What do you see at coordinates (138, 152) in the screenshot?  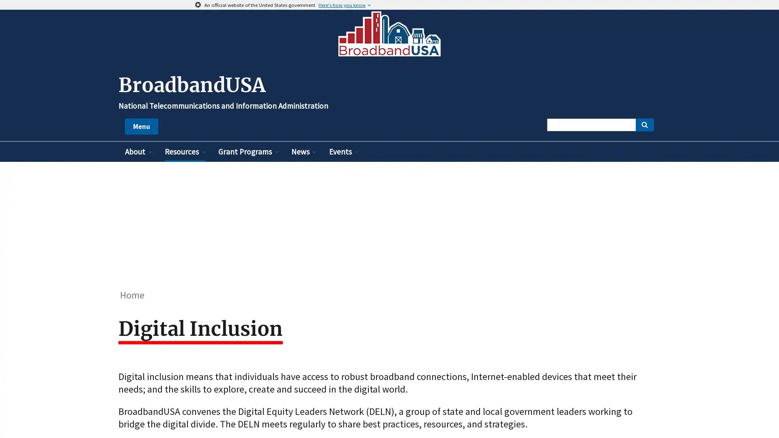 I see `About` at bounding box center [138, 152].